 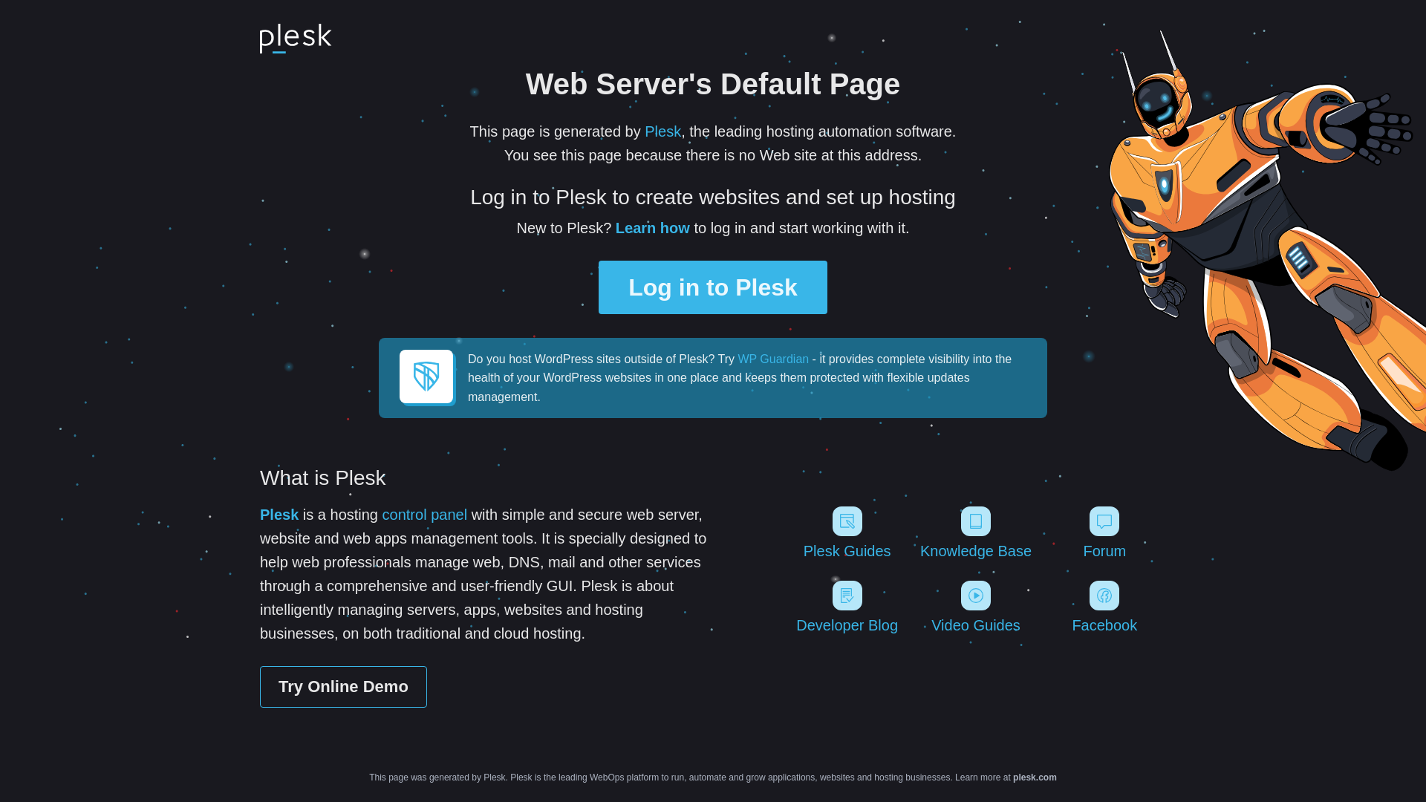 What do you see at coordinates (1104, 532) in the screenshot?
I see `'Forum'` at bounding box center [1104, 532].